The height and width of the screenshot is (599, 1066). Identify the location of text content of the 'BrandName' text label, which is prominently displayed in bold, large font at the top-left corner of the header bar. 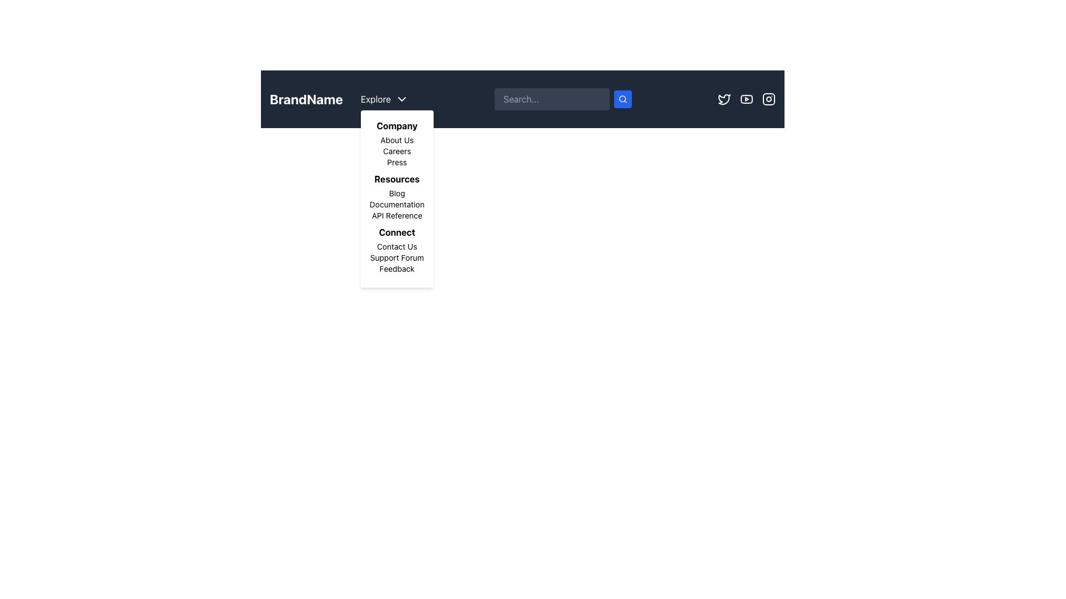
(306, 98).